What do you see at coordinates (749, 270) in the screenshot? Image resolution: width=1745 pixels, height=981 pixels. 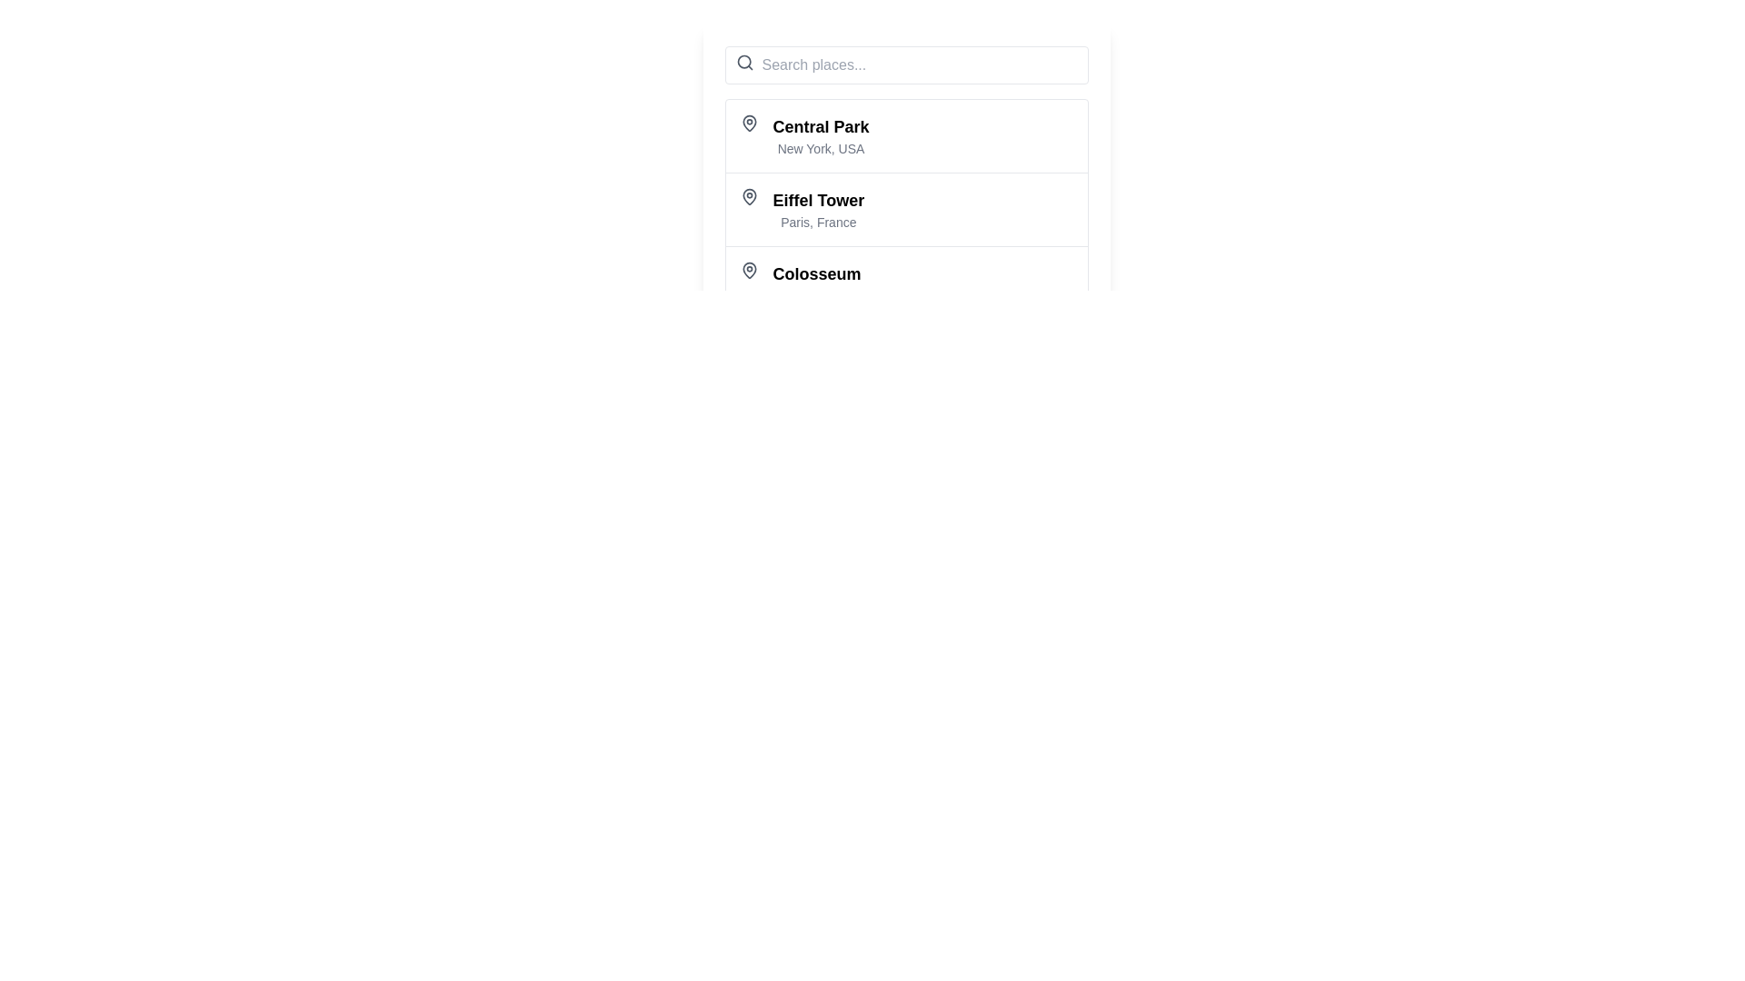 I see `the pin icon indicating the Colosseum entry in the list, which is positioned to the left of the text 'Colosseum, Rome, Italy.'` at bounding box center [749, 270].